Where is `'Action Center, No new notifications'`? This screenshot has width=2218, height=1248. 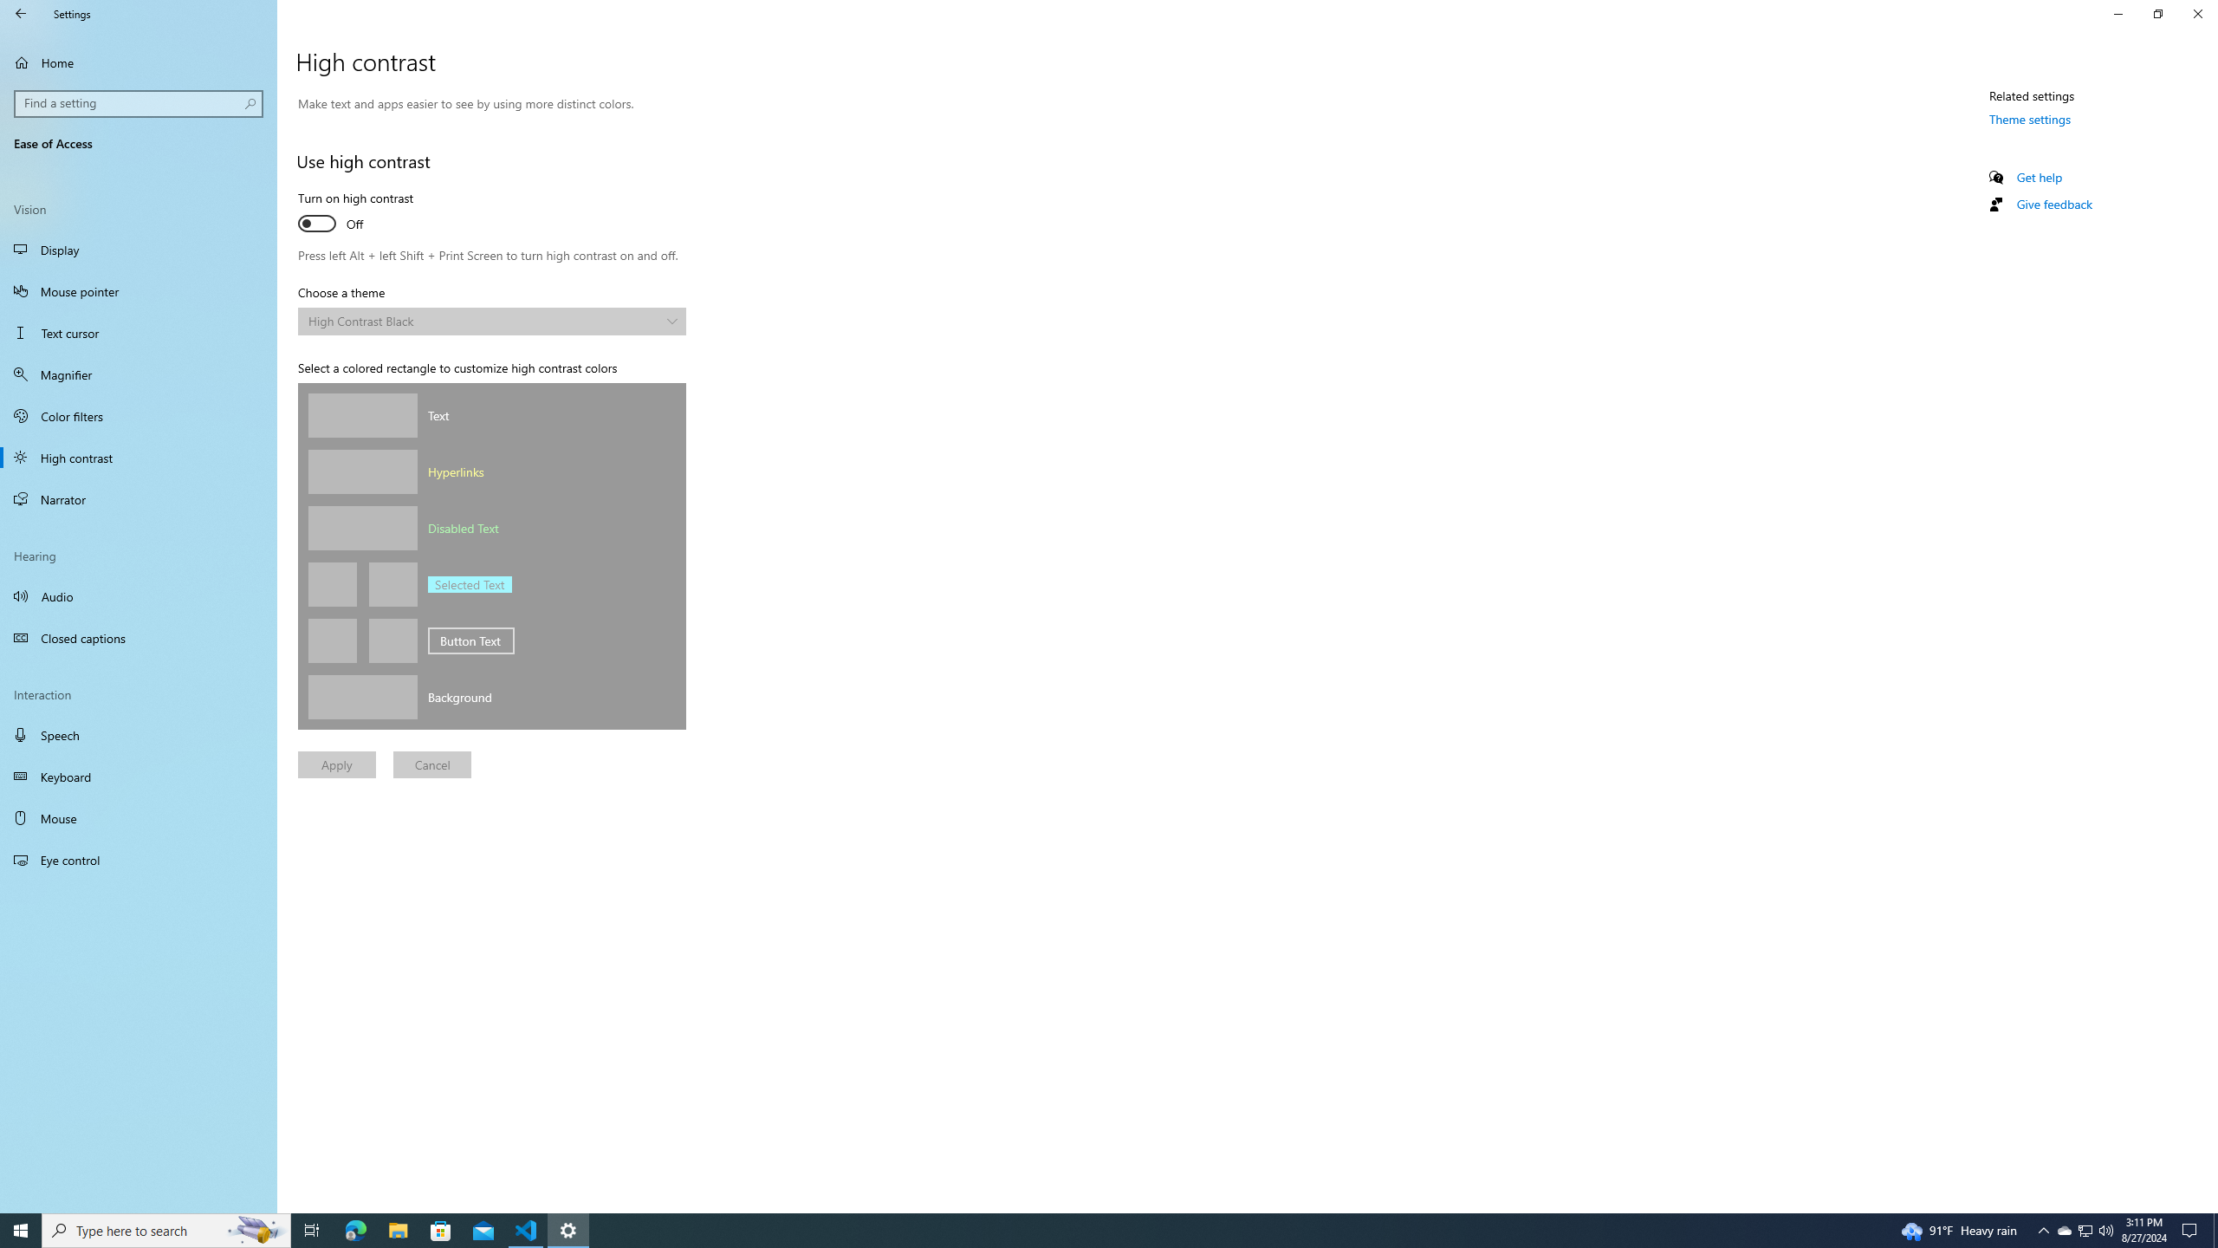 'Action Center, No new notifications' is located at coordinates (2192, 1229).